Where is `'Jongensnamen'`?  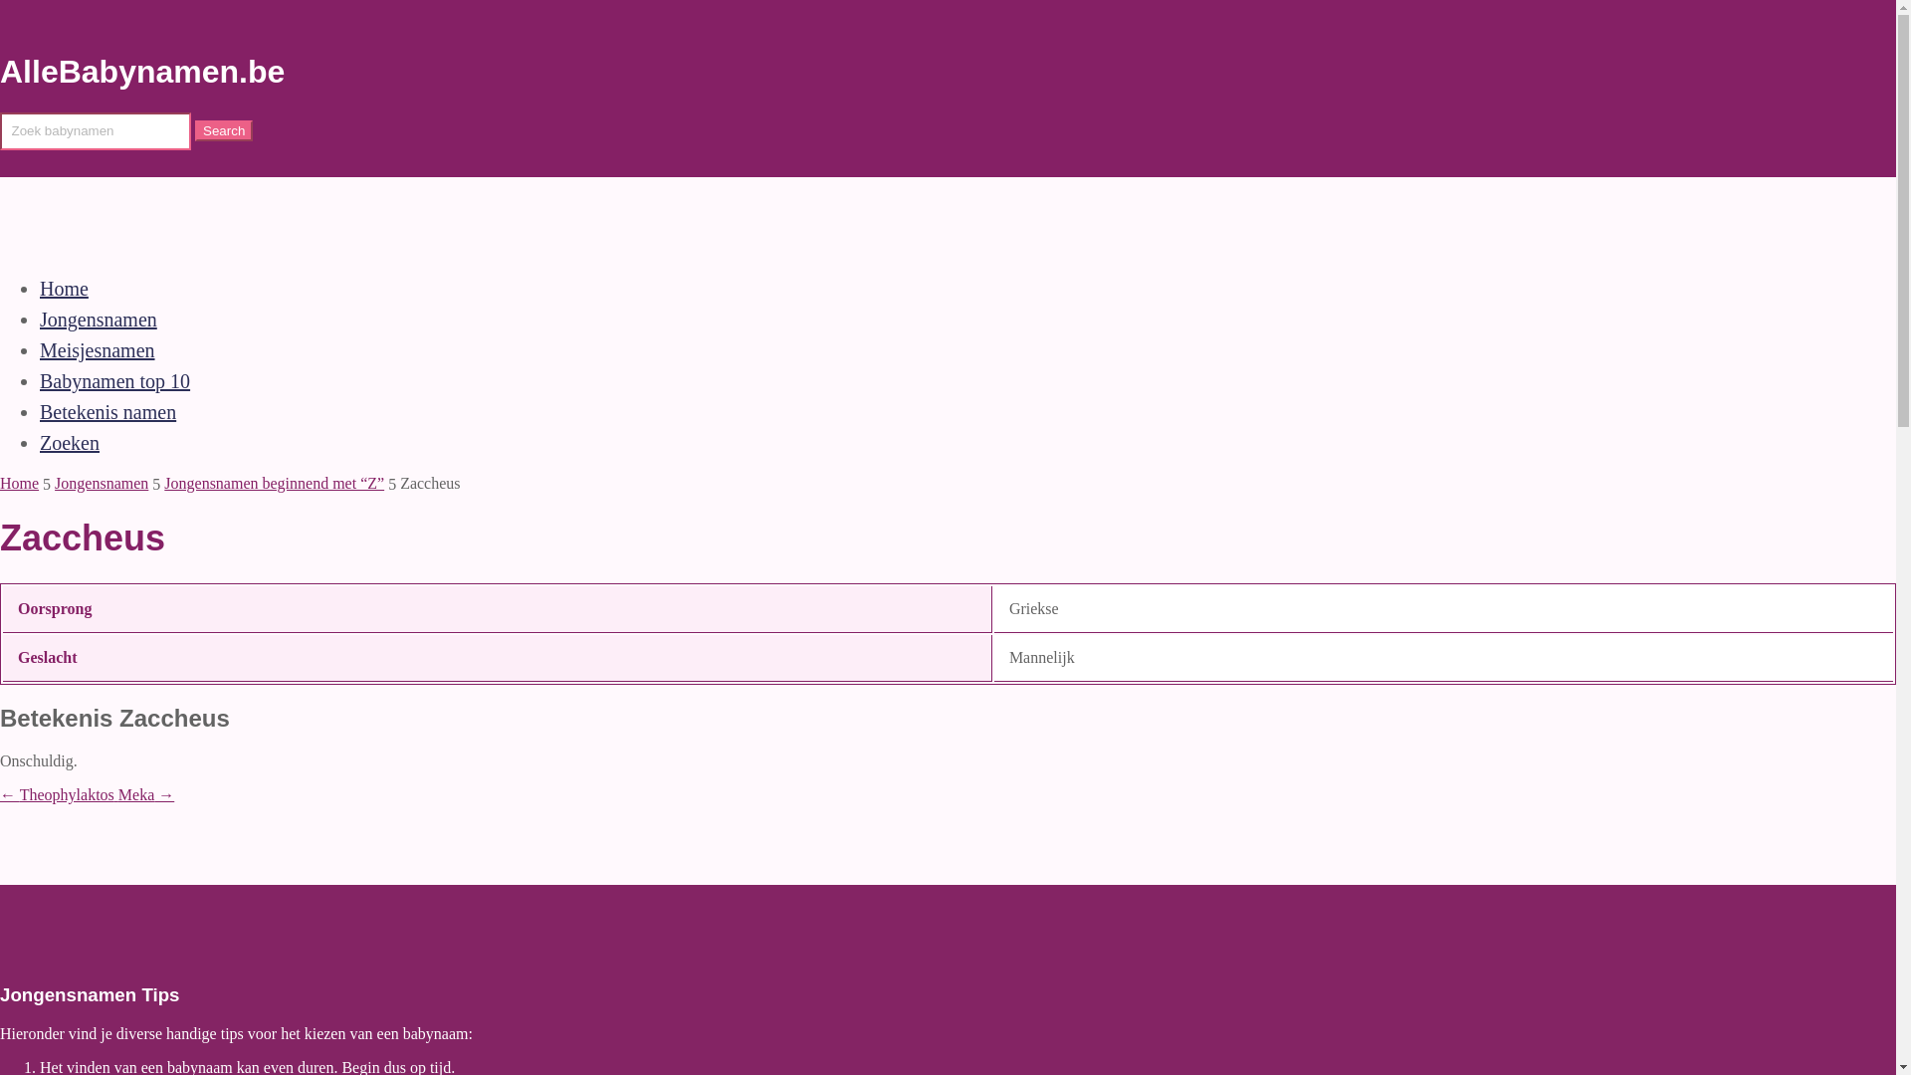 'Jongensnamen' is located at coordinates (39, 318).